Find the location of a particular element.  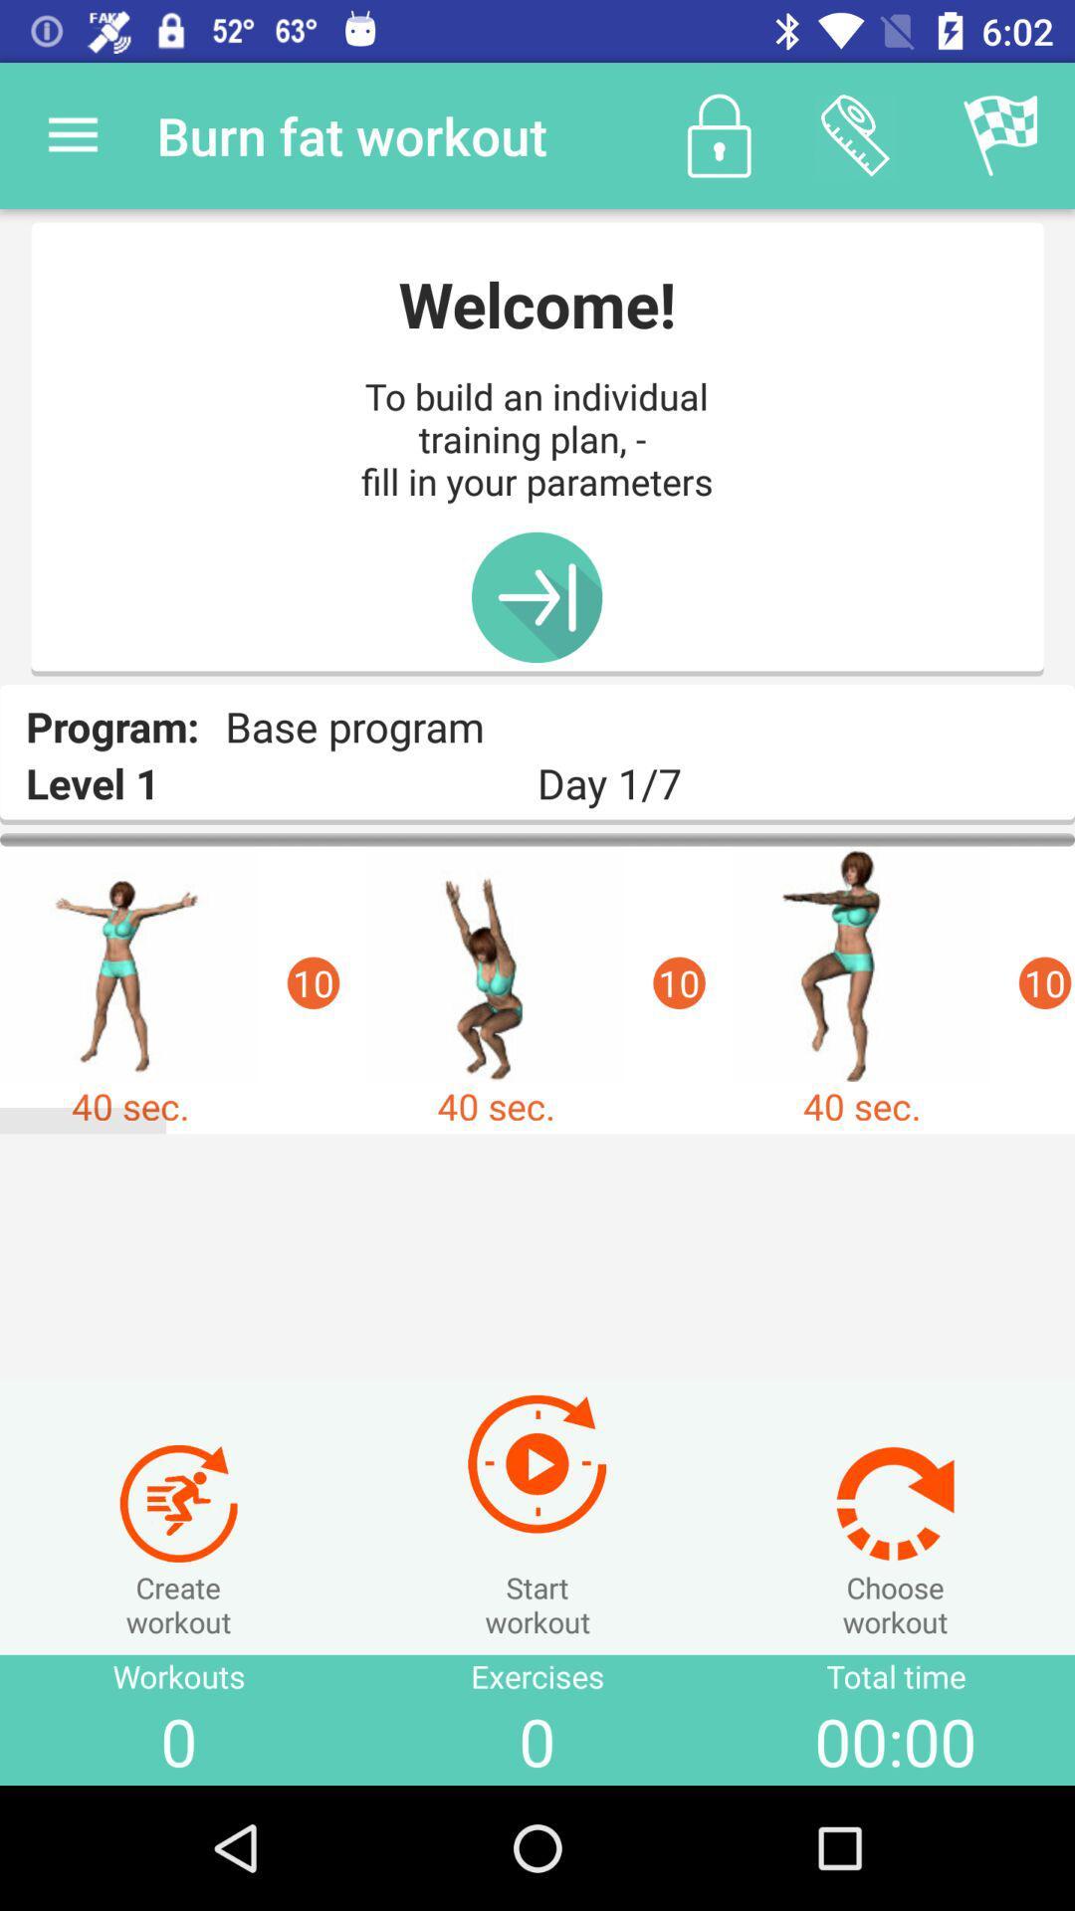

the arrow_forward icon is located at coordinates (536, 596).